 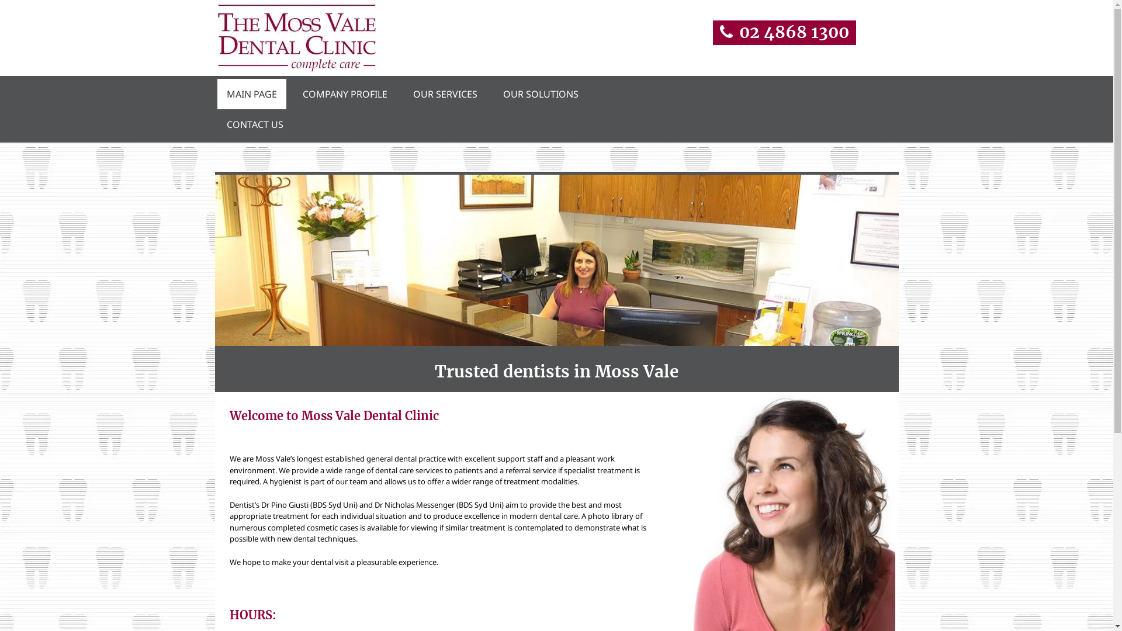 I want to click on 'MAIN PAGE', so click(x=217, y=93).